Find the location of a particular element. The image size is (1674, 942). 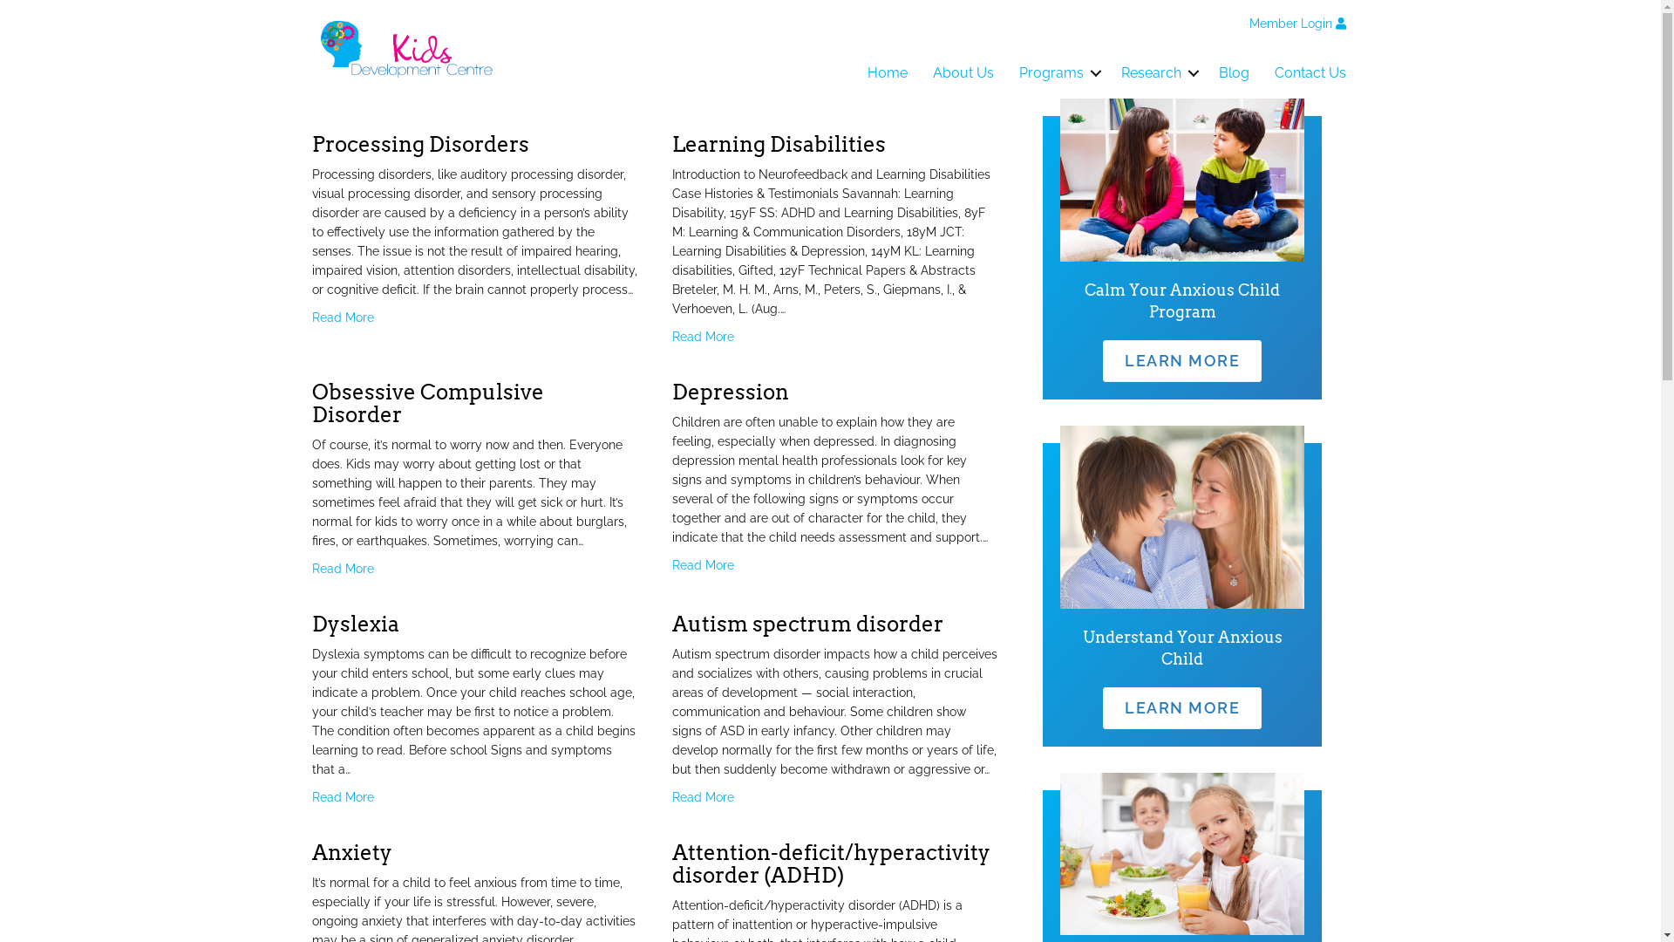

'Anxiety' is located at coordinates (350, 851).